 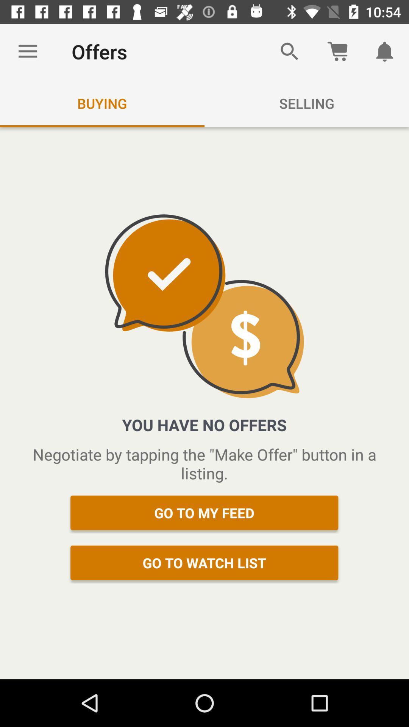 What do you see at coordinates (27, 51) in the screenshot?
I see `item above the negotiate by tapping item` at bounding box center [27, 51].